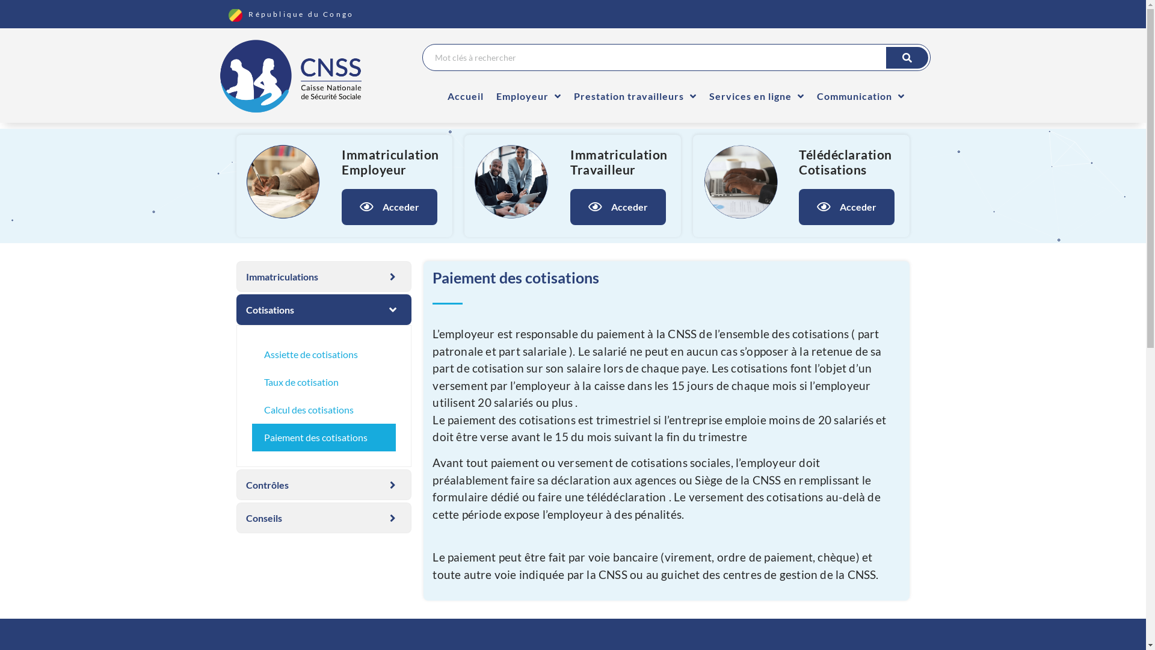 The height and width of the screenshot is (650, 1155). What do you see at coordinates (635, 95) in the screenshot?
I see `'Prestation travailleurs'` at bounding box center [635, 95].